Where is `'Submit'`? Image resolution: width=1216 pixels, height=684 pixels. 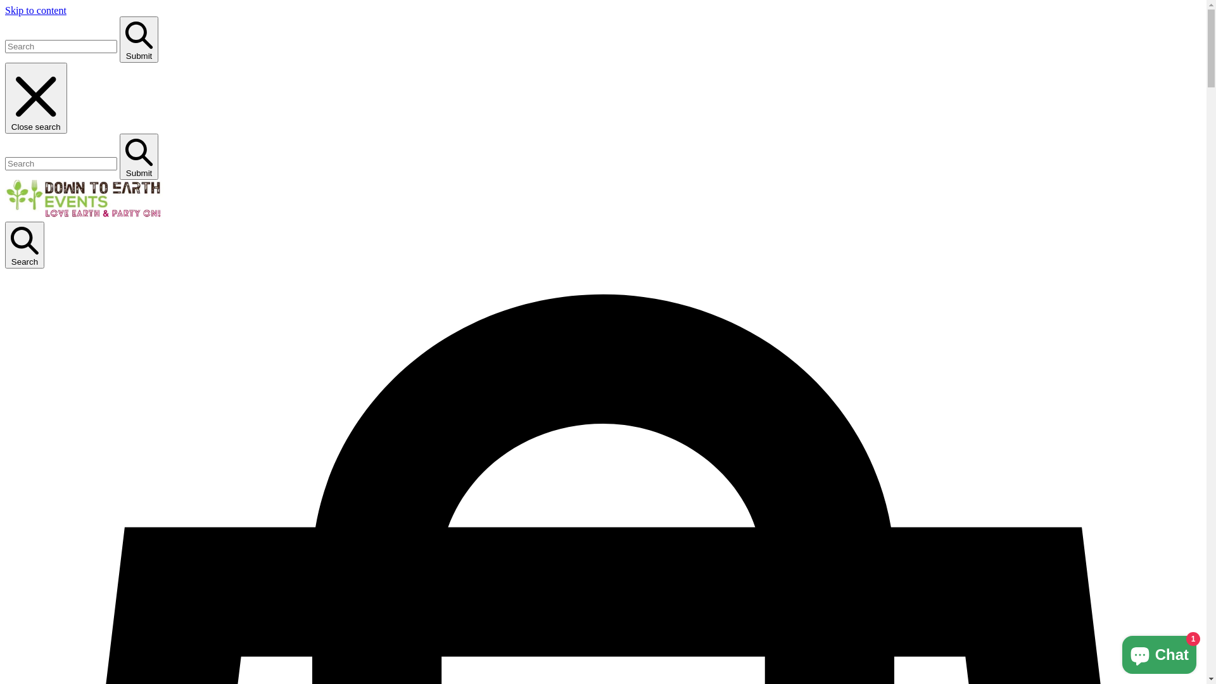 'Submit' is located at coordinates (119, 39).